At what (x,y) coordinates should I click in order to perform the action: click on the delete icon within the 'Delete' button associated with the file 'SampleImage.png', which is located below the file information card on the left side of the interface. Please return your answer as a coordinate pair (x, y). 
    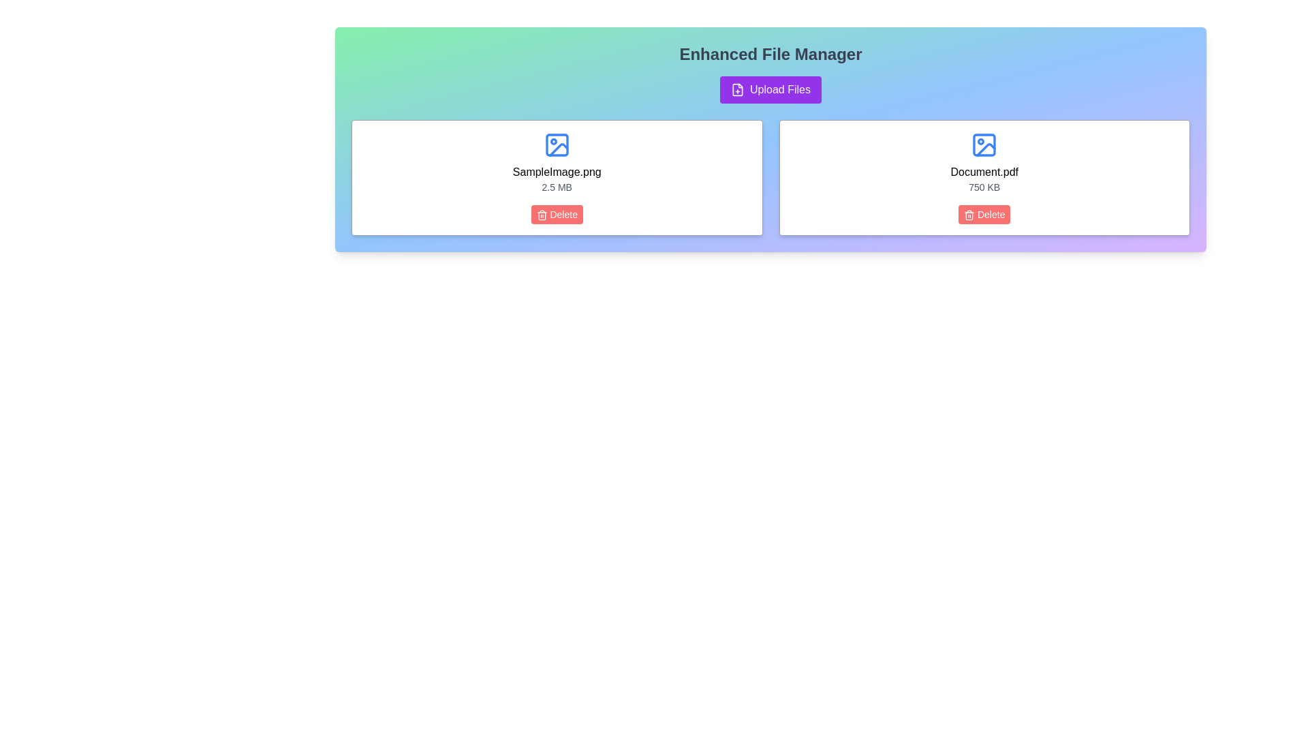
    Looking at the image, I should click on (541, 215).